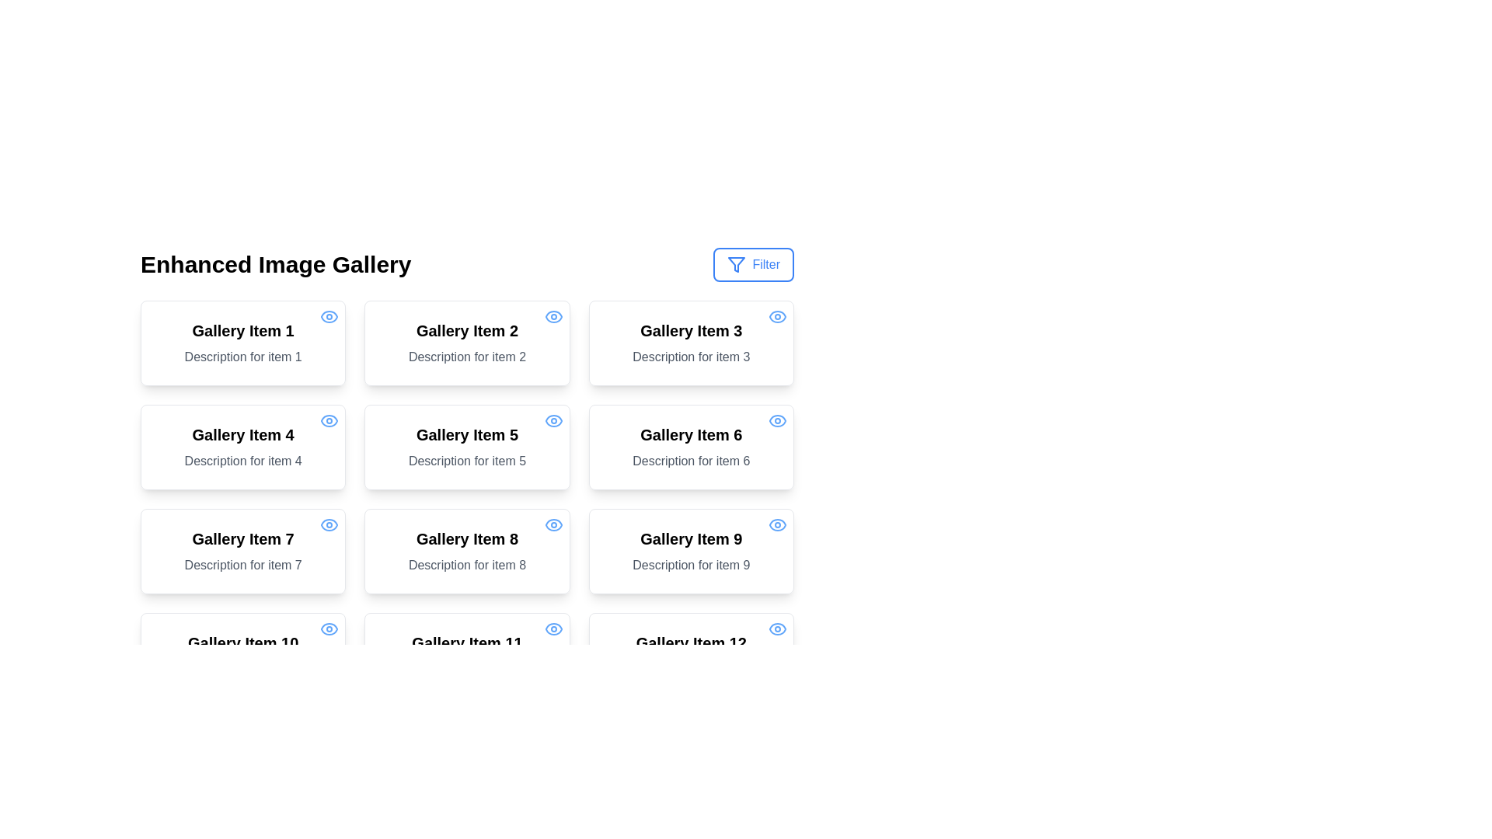 The width and height of the screenshot is (1492, 839). What do you see at coordinates (553, 421) in the screenshot?
I see `the eye icon located in the top-right corner of the card titled 'Gallery Item 5', which indicates a view or visibility function` at bounding box center [553, 421].